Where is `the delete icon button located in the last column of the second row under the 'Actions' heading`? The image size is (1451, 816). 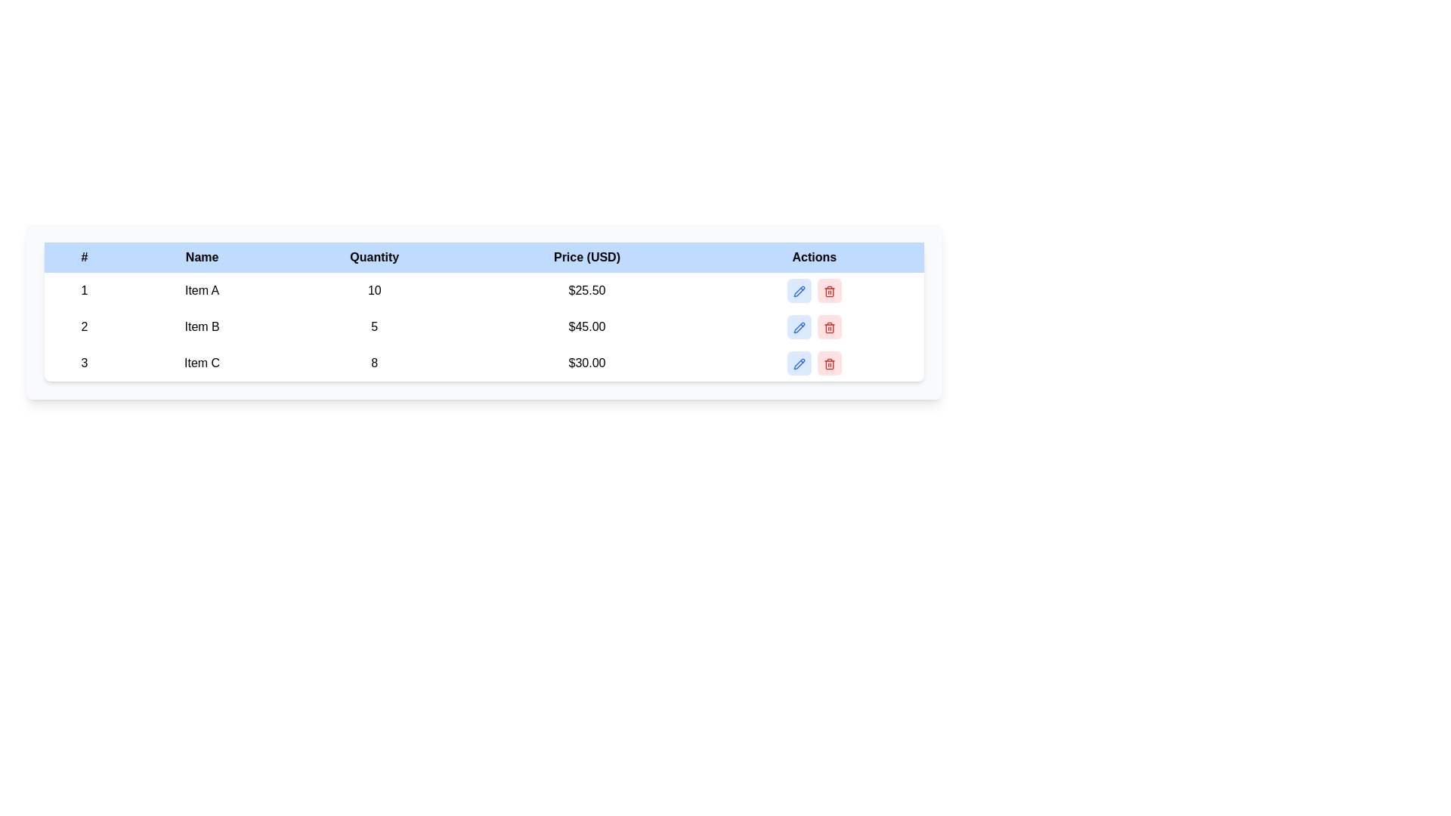 the delete icon button located in the last column of the second row under the 'Actions' heading is located at coordinates (828, 326).